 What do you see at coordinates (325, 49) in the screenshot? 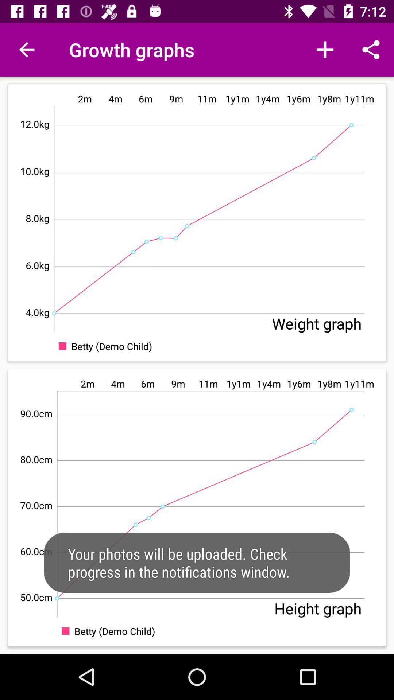
I see `icon next to growth graphs` at bounding box center [325, 49].